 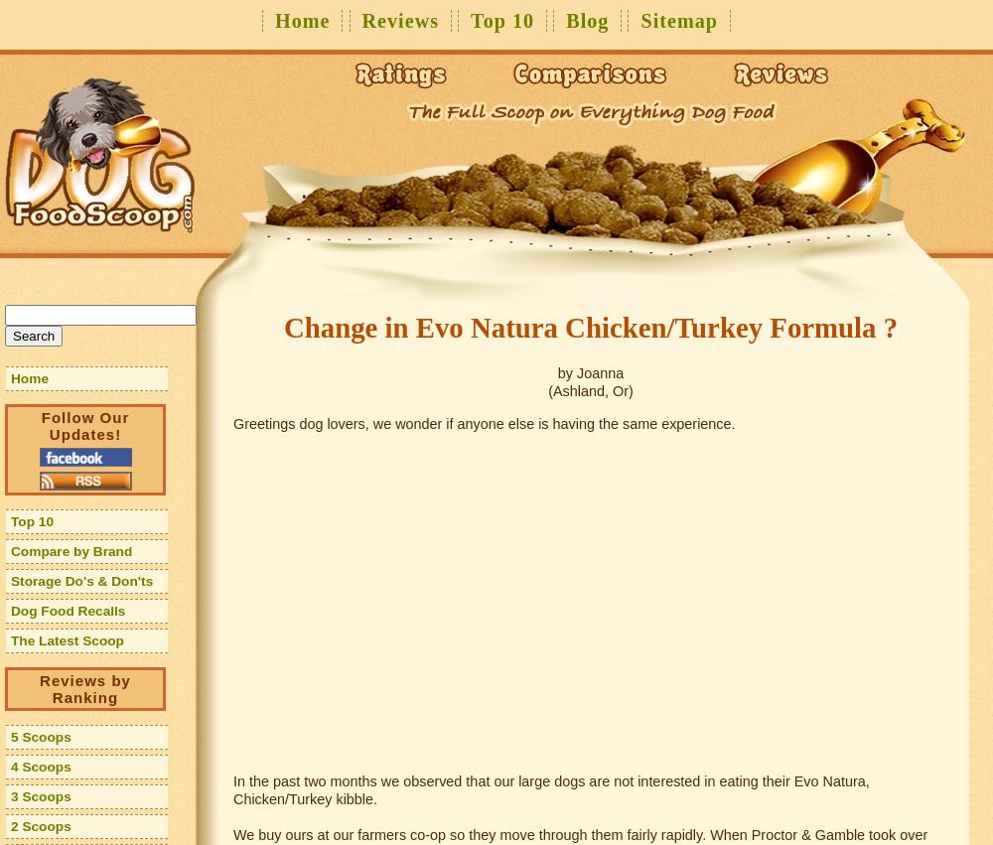 I want to click on 'Reviews by Ranking', so click(x=40, y=688).